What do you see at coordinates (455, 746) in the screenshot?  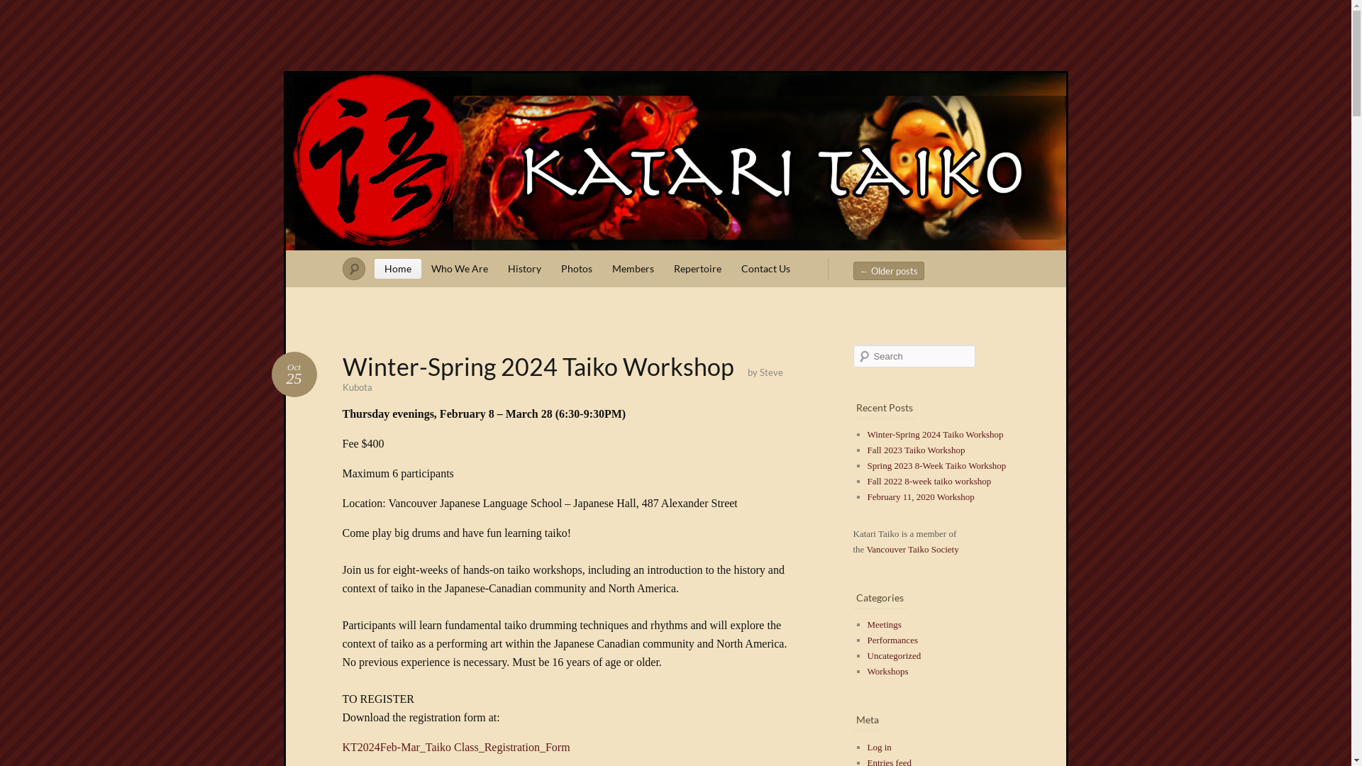 I see `'KT2024Feb-Mar_Taiko Class_Registration_Form'` at bounding box center [455, 746].